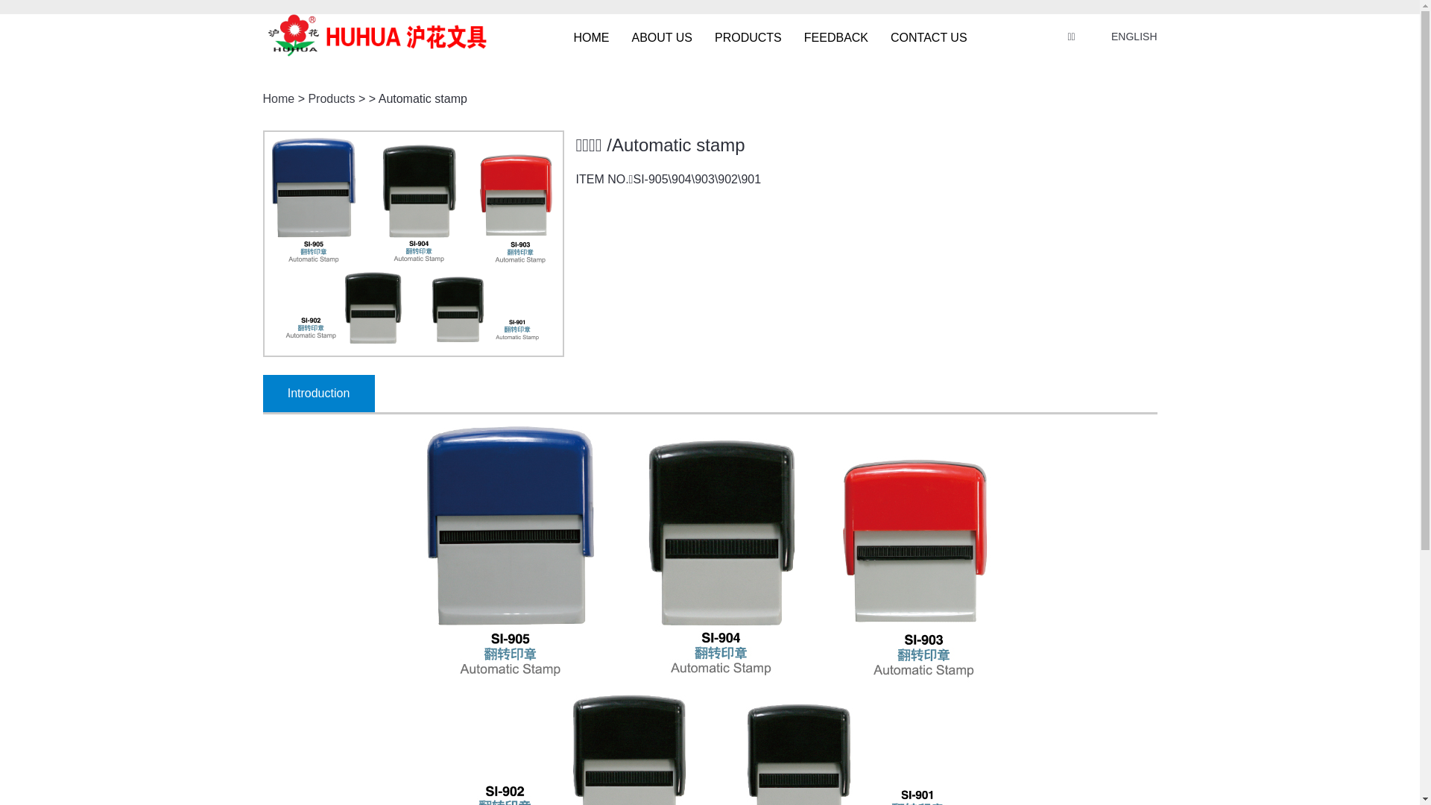 The width and height of the screenshot is (1431, 805). What do you see at coordinates (836, 37) in the screenshot?
I see `'FEEDBACK'` at bounding box center [836, 37].